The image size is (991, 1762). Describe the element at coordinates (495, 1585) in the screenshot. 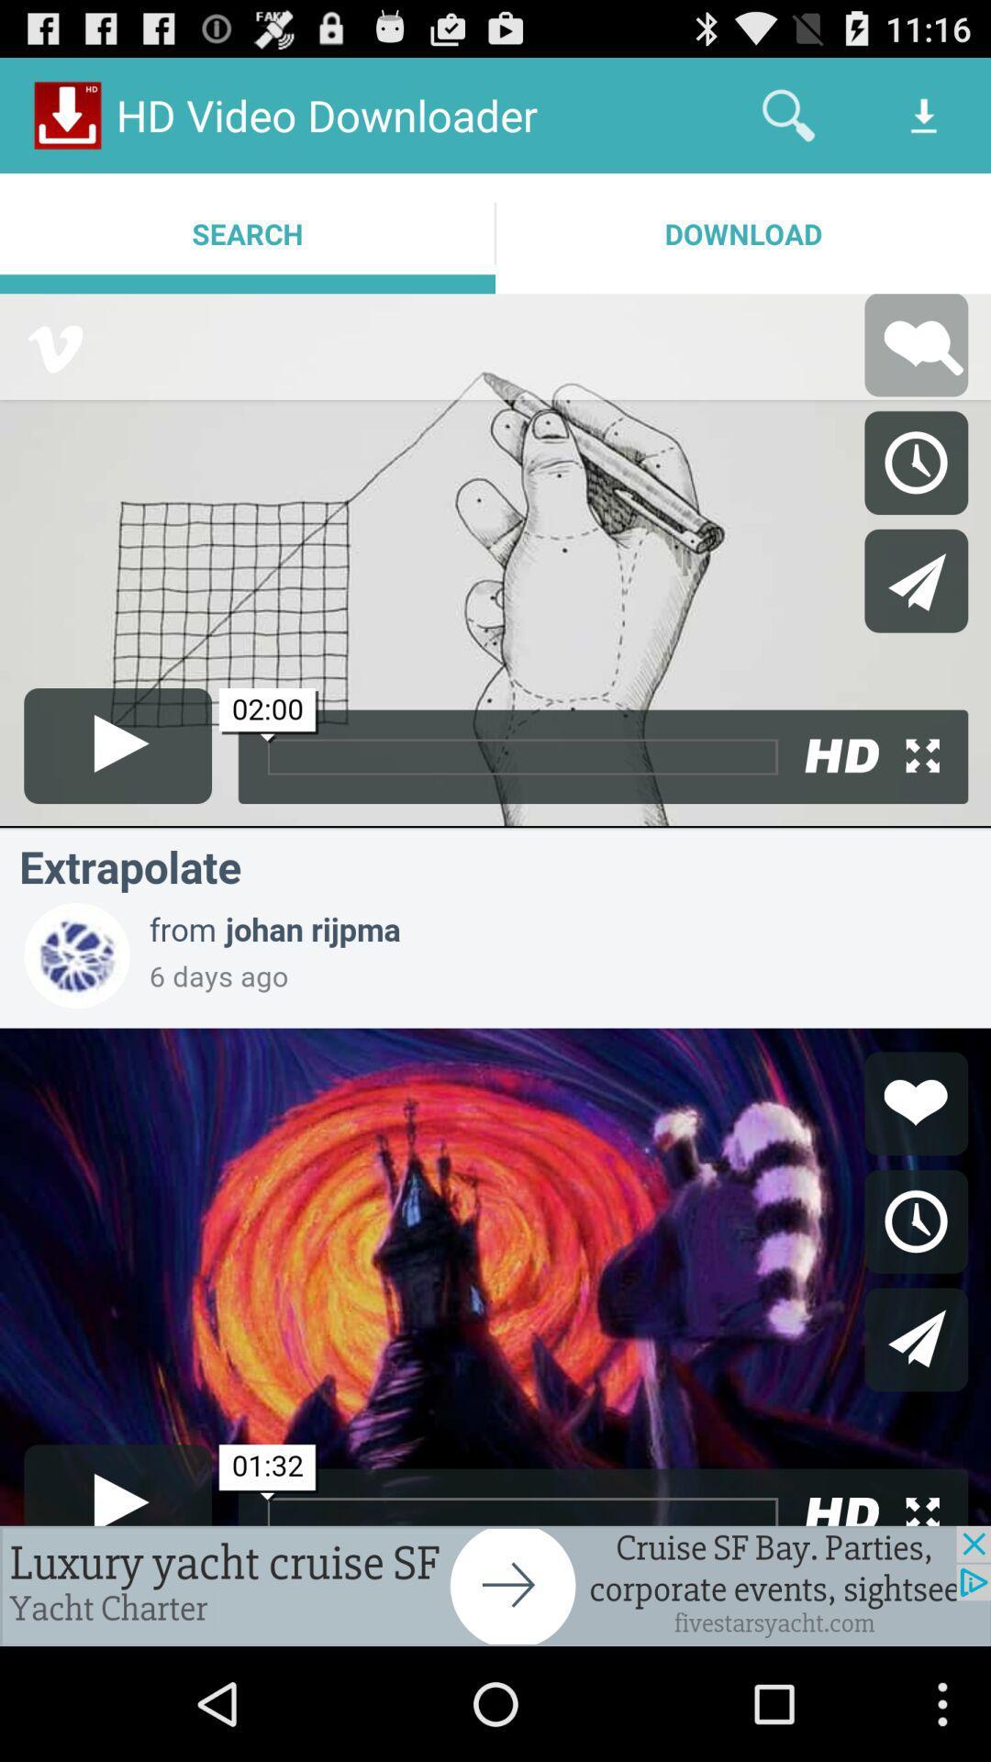

I see `the icon at the bottom` at that location.